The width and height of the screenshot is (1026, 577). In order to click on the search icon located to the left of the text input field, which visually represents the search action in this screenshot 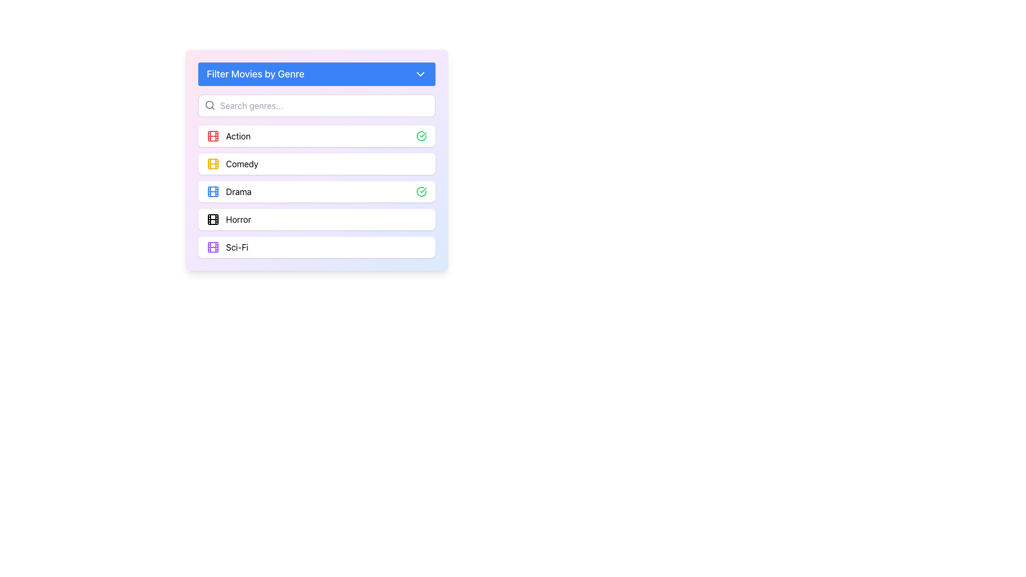, I will do `click(210, 105)`.